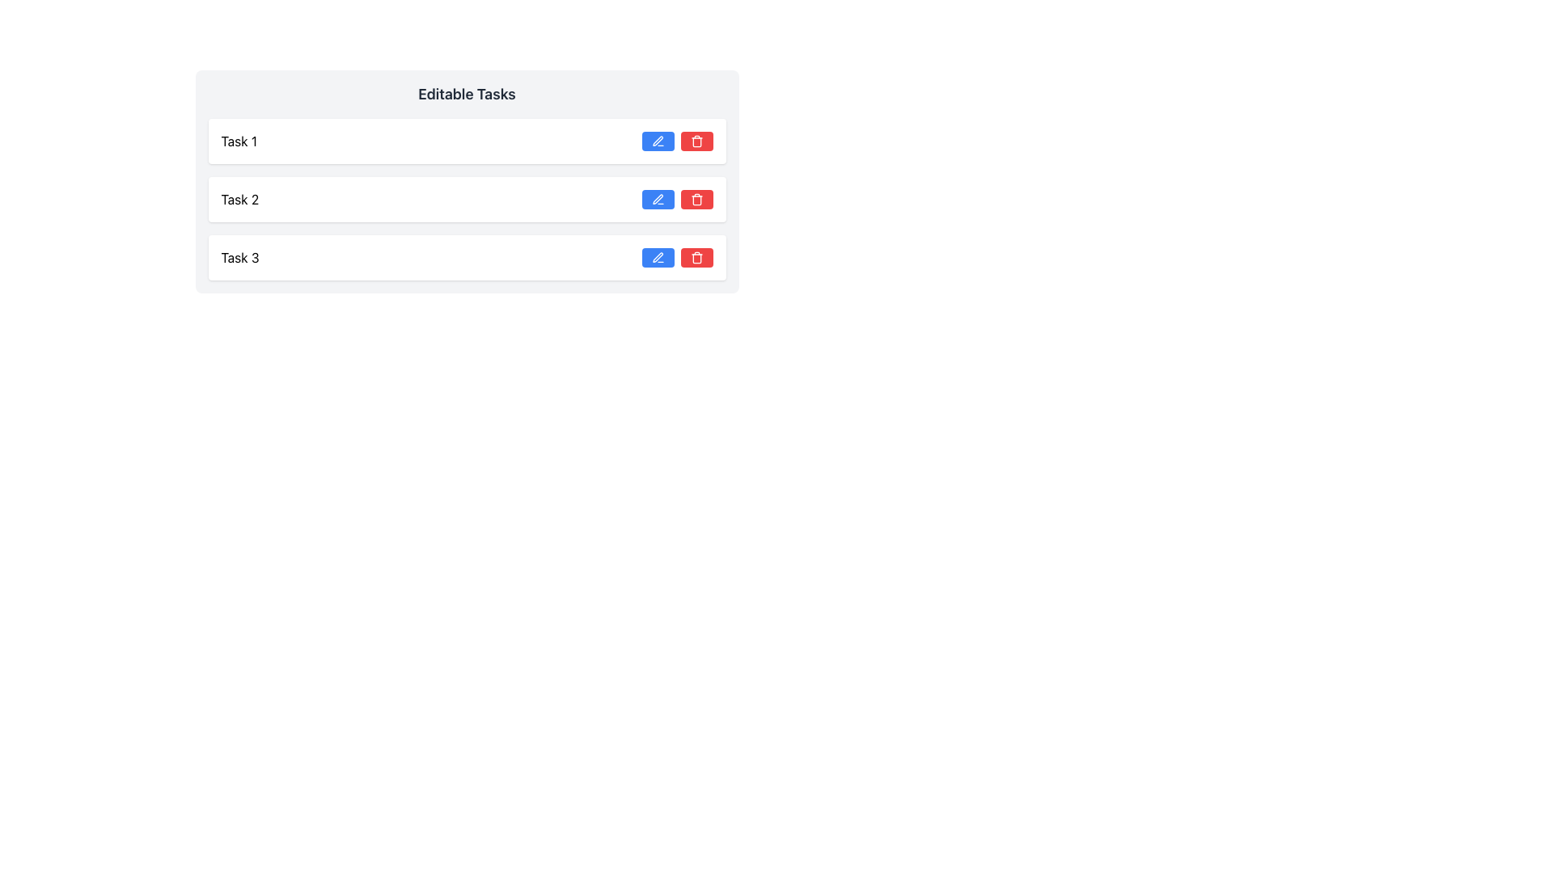 The height and width of the screenshot is (873, 1553). Describe the element at coordinates (658, 140) in the screenshot. I see `the edit icon styled as a pen with a line underneath it, which is positioned at the top task row as the leftmost icon among interactive icons` at that location.